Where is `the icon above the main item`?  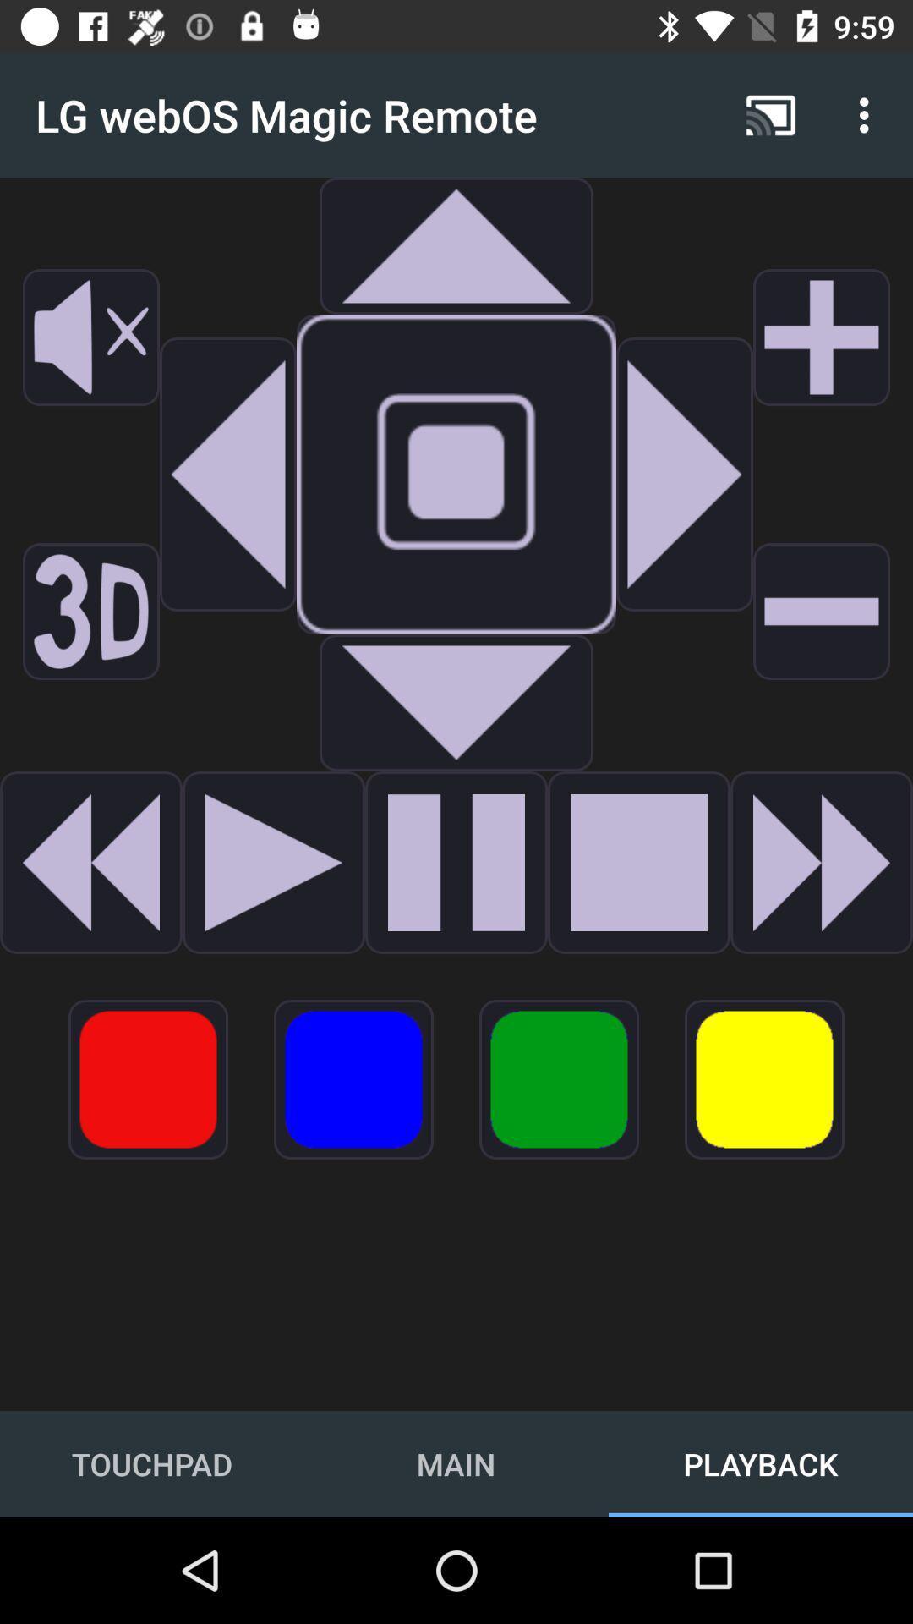 the icon above the main item is located at coordinates (353, 1078).